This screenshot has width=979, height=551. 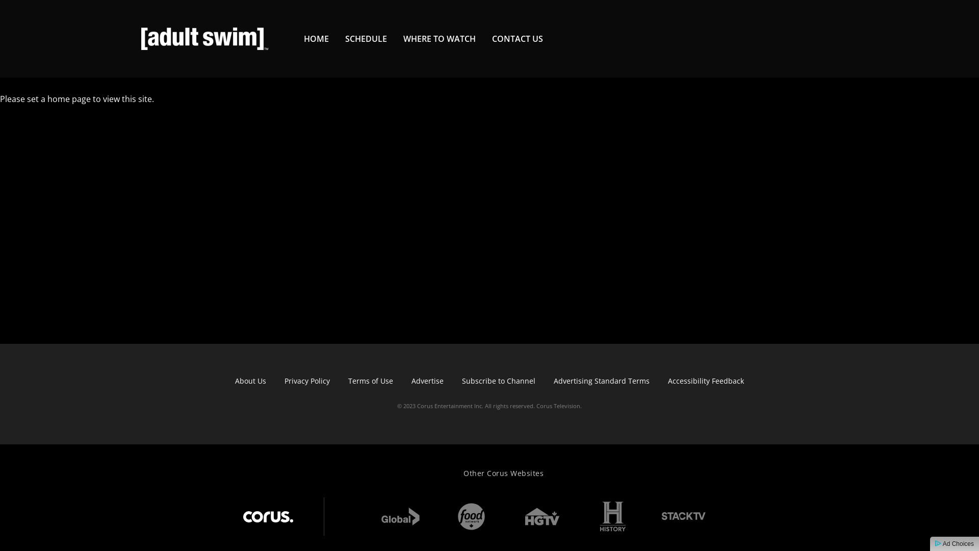 I want to click on 'Adult Swim', so click(x=204, y=38).